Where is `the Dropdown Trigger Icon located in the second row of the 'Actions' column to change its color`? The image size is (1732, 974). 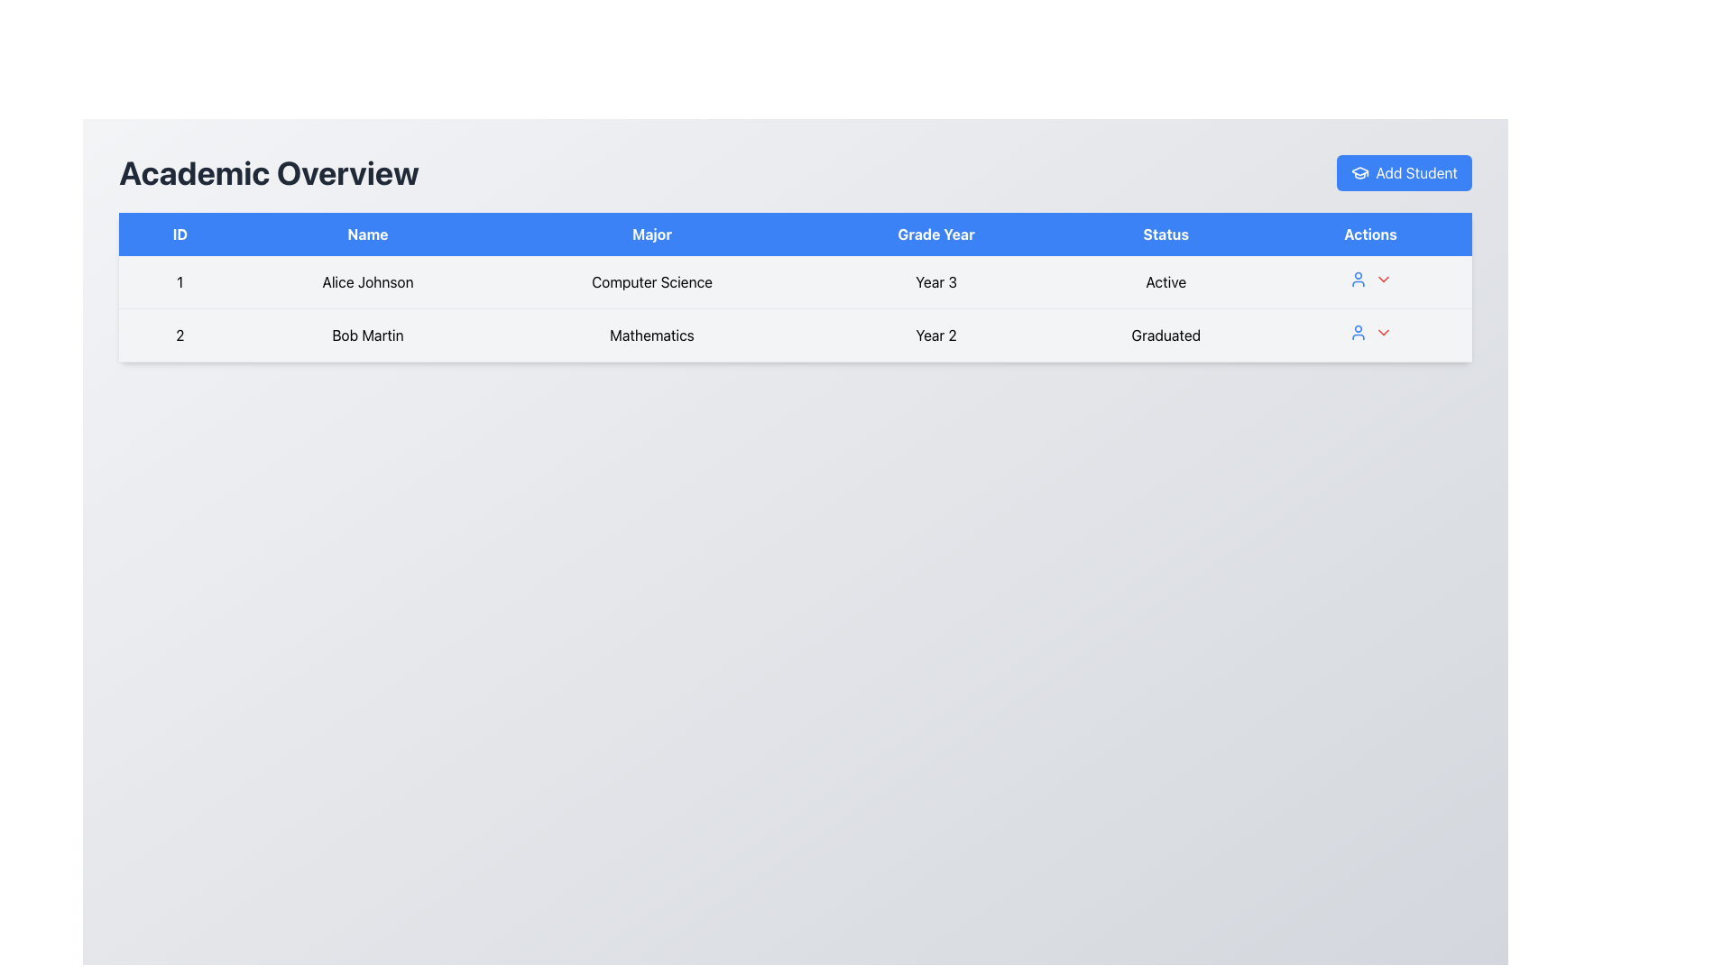
the Dropdown Trigger Icon located in the second row of the 'Actions' column to change its color is located at coordinates (1382, 279).